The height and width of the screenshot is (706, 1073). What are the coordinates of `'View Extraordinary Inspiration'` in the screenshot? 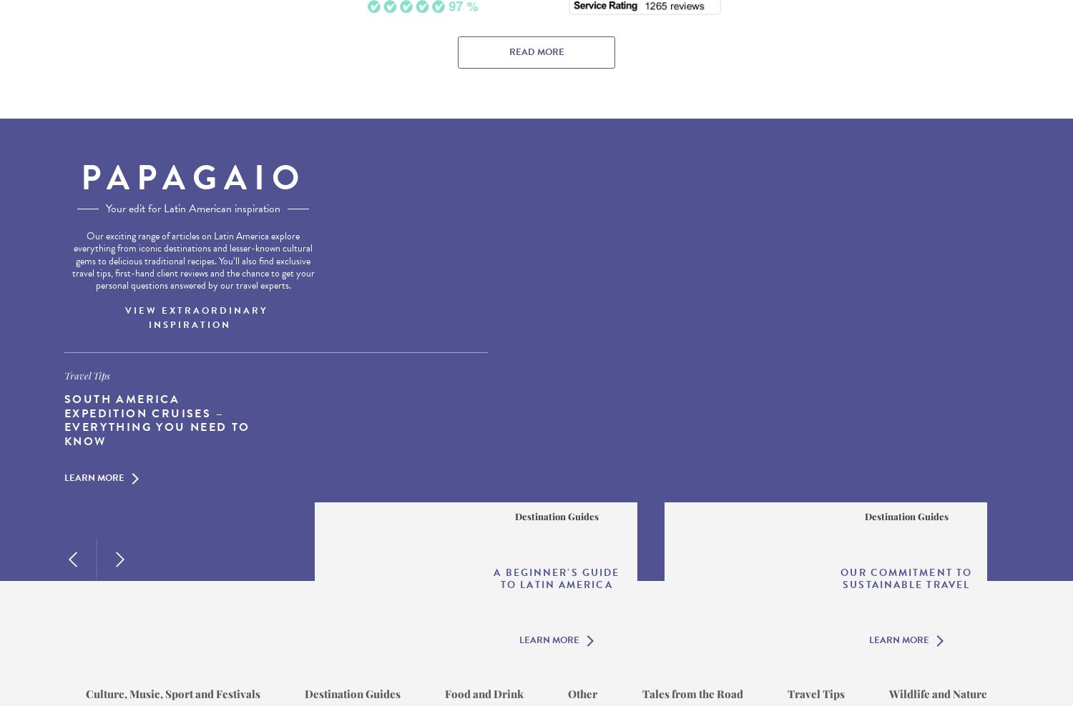 It's located at (196, 317).